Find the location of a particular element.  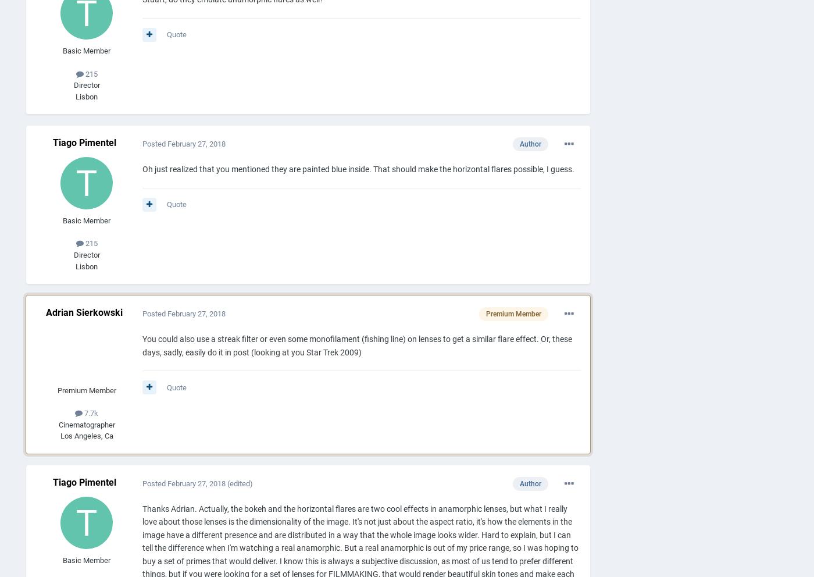

'Adrian Sierkowski' is located at coordinates (84, 312).